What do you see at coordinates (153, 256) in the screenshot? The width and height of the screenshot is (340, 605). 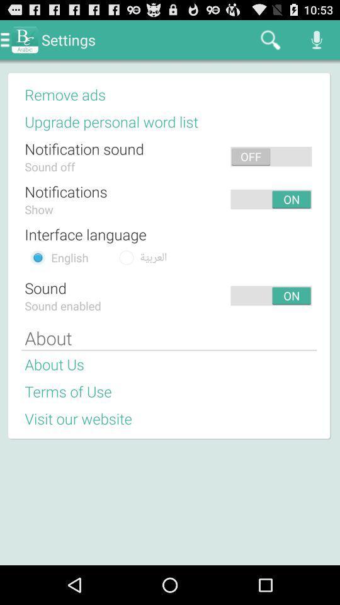 I see `the app below the interface language app` at bounding box center [153, 256].